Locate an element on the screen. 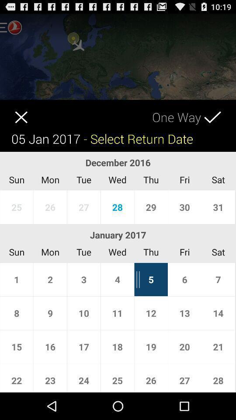 The width and height of the screenshot is (236, 420). close is located at coordinates (13, 111).